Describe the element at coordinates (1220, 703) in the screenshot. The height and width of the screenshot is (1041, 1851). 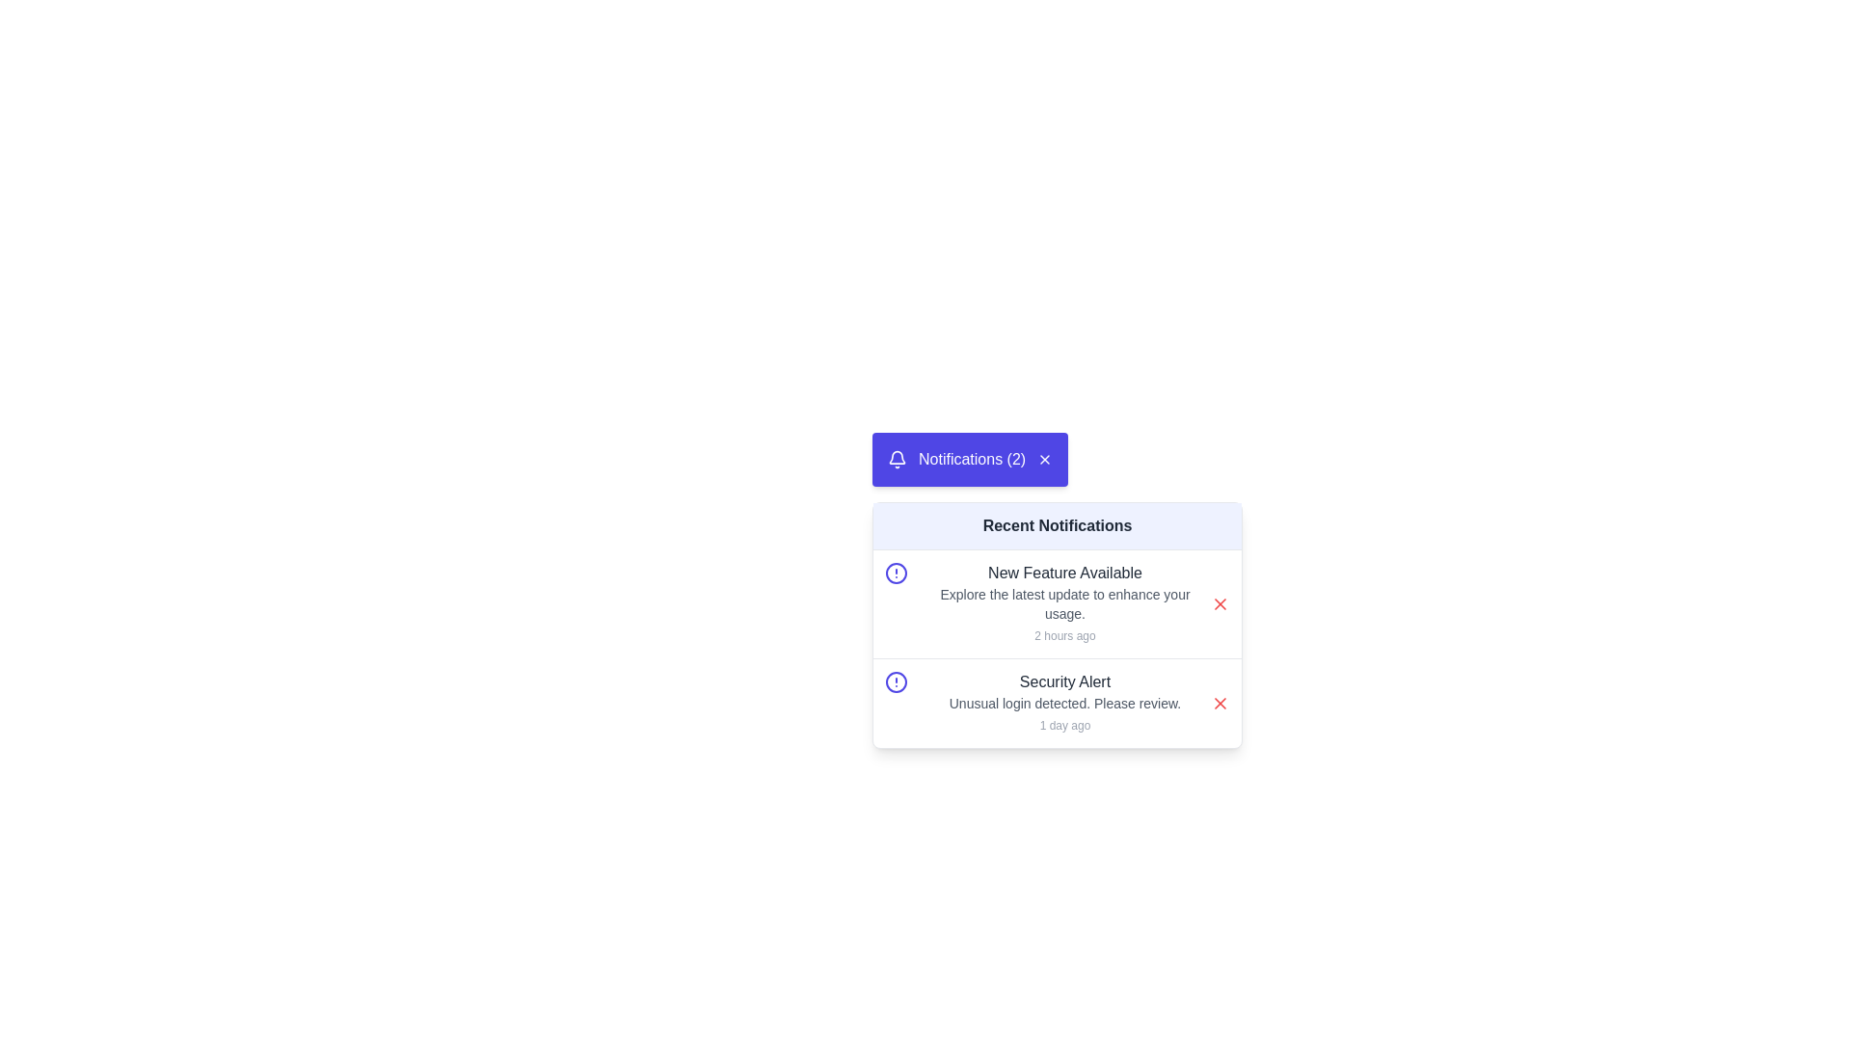
I see `the red 'X' icon button on the far right of the 'Security Alert' notification` at that location.